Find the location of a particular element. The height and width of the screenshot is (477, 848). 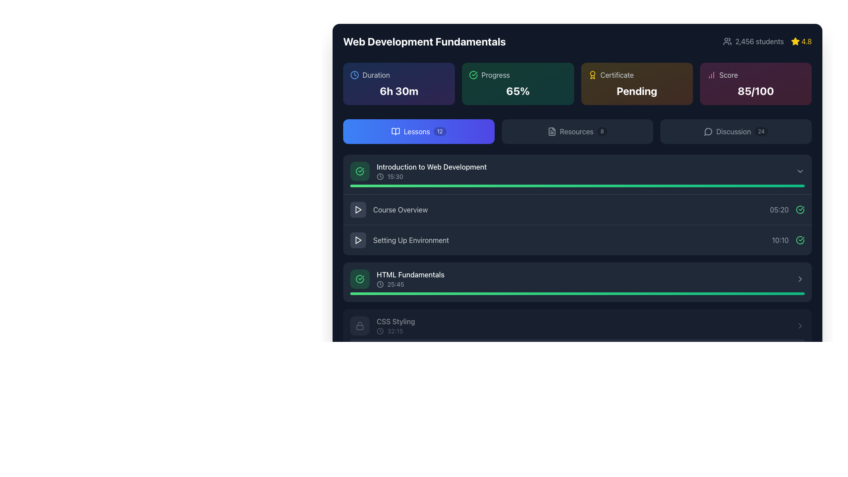

the SVG circle element that is part of the clock icon located in the bottom third of the interface, which has an outlined stroke and is near the 'HTML Fundamentals' section is located at coordinates (380, 284).